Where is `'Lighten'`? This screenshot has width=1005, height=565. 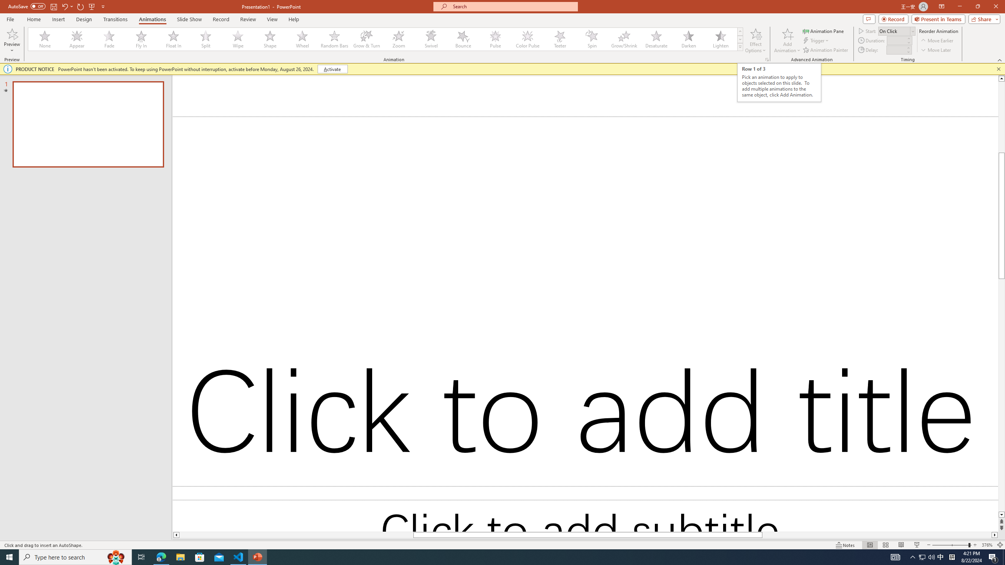 'Lighten' is located at coordinates (720, 39).